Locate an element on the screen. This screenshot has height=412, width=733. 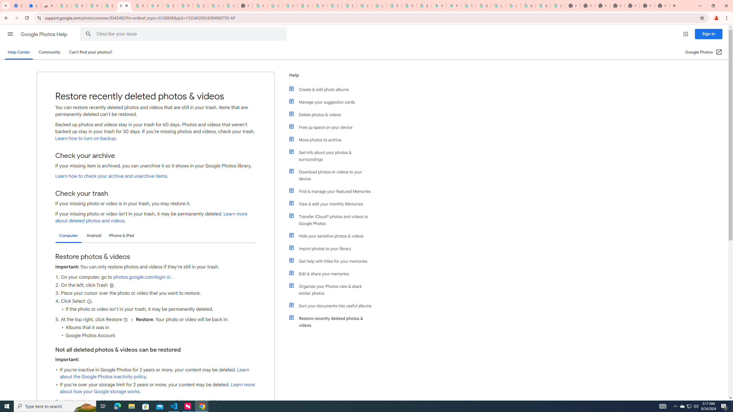
'Can' is located at coordinates (91, 52).